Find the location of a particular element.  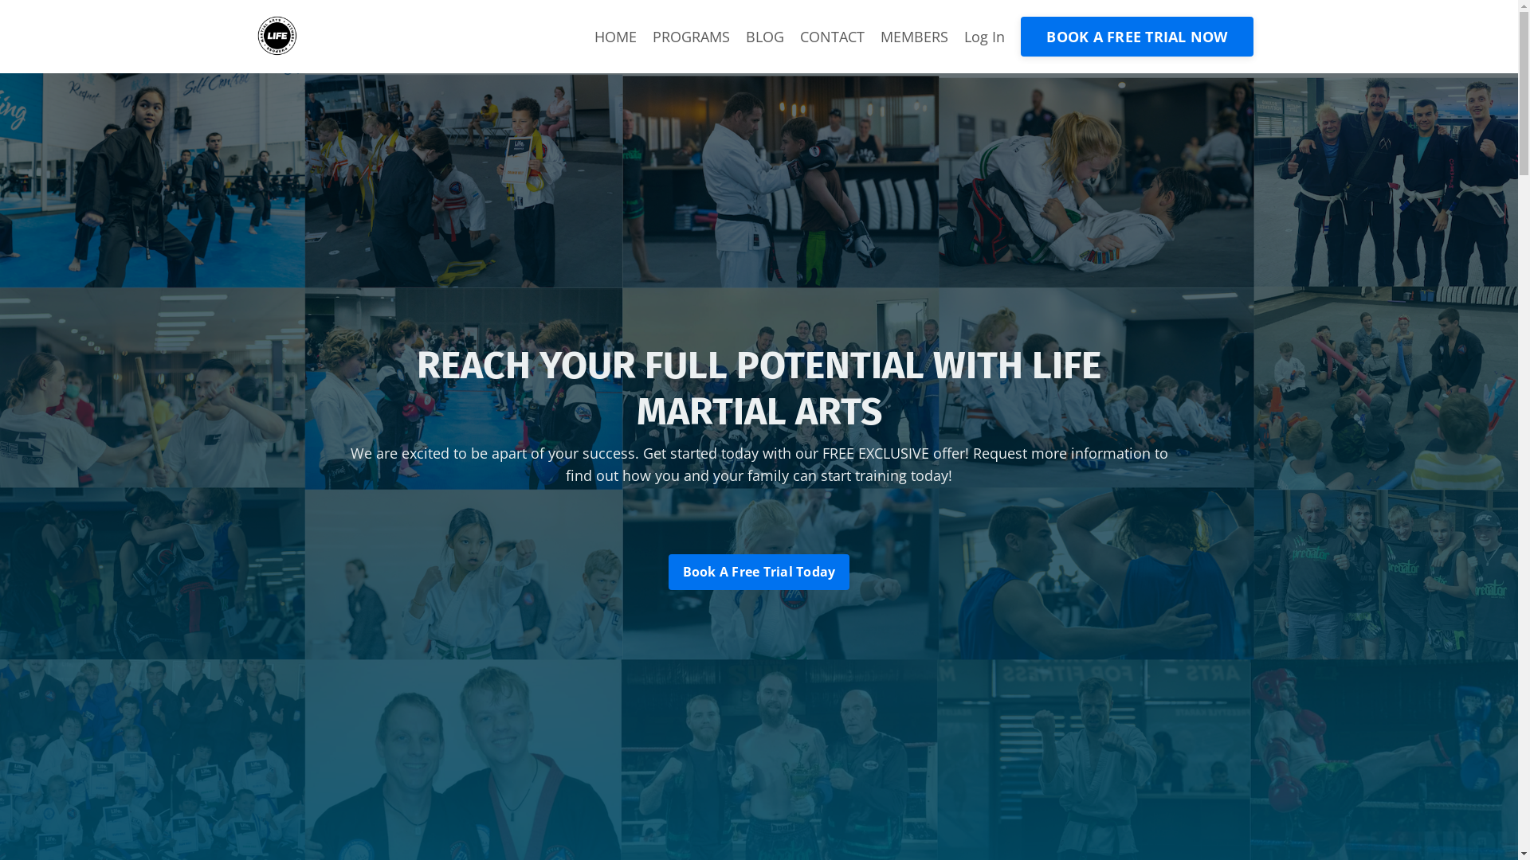

'PROGRAMS' is located at coordinates (691, 36).